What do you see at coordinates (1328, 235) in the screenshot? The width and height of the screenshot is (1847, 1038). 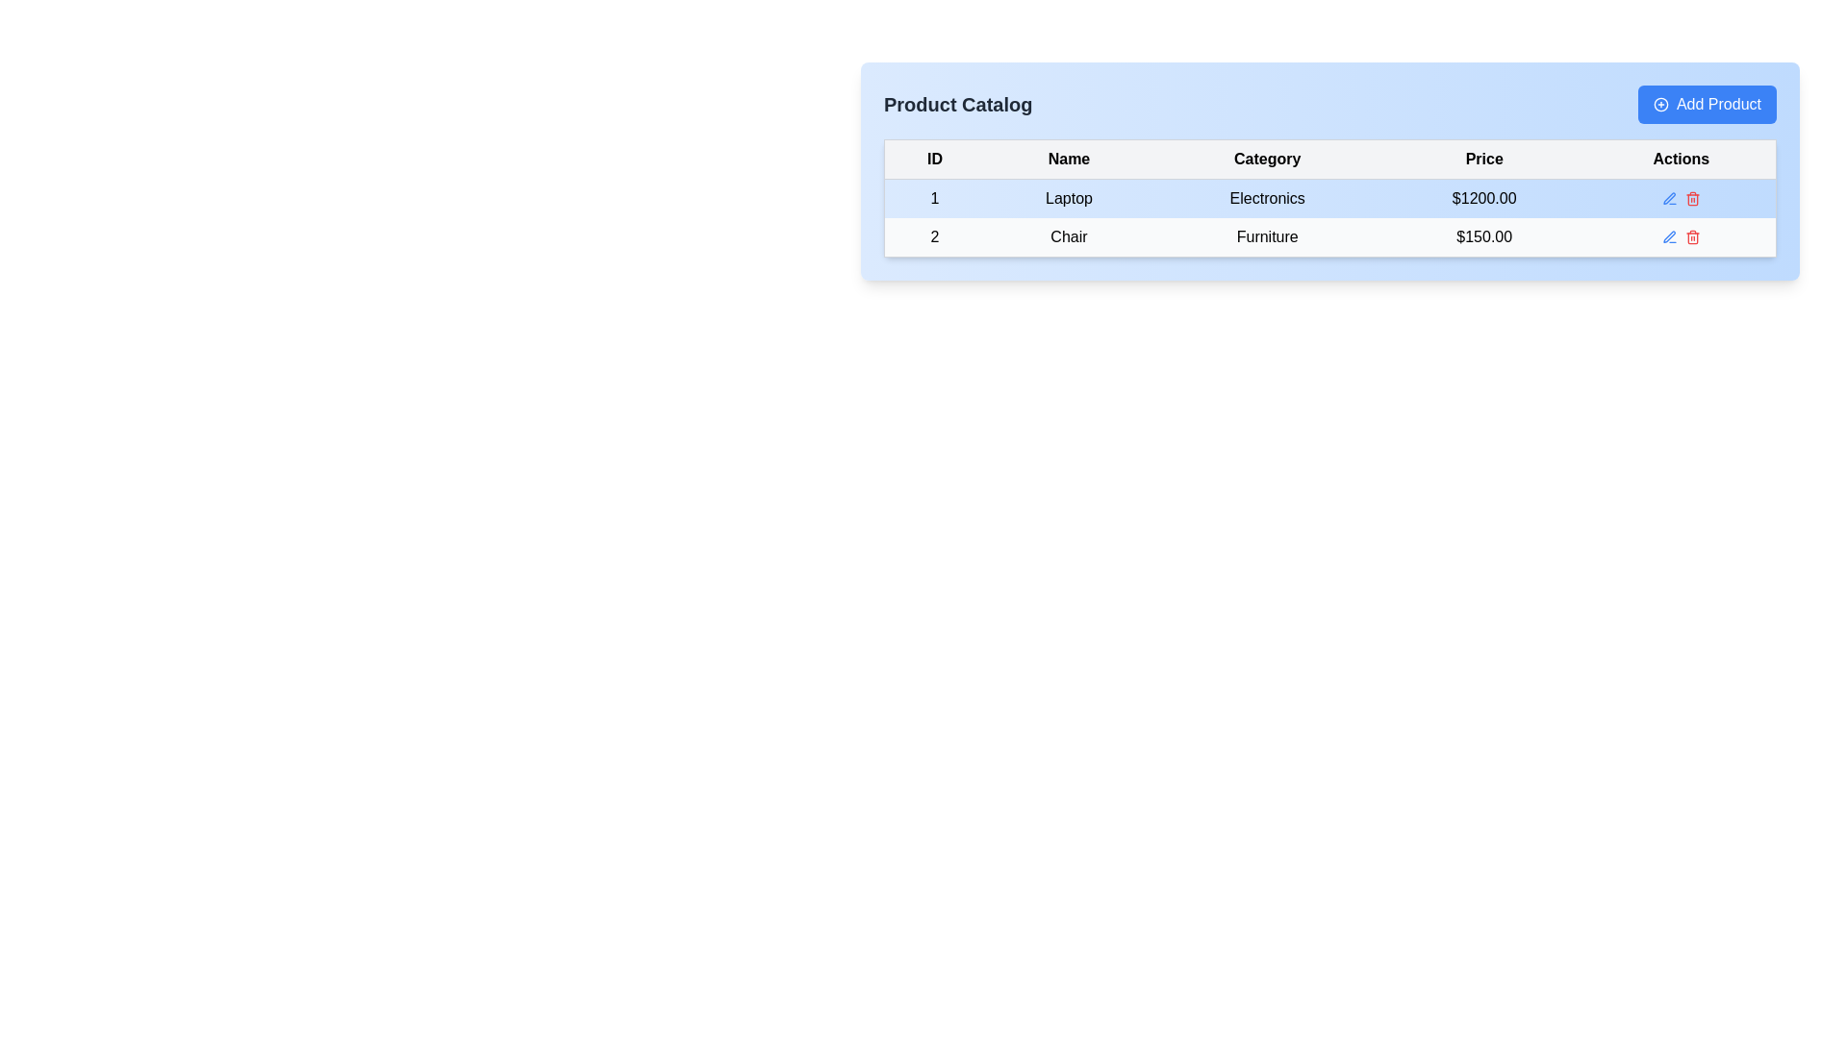 I see `the second row of the product listing table which contains the product 'Chair' with ID '2', category 'Furniture', and price '$150.00'` at bounding box center [1328, 235].